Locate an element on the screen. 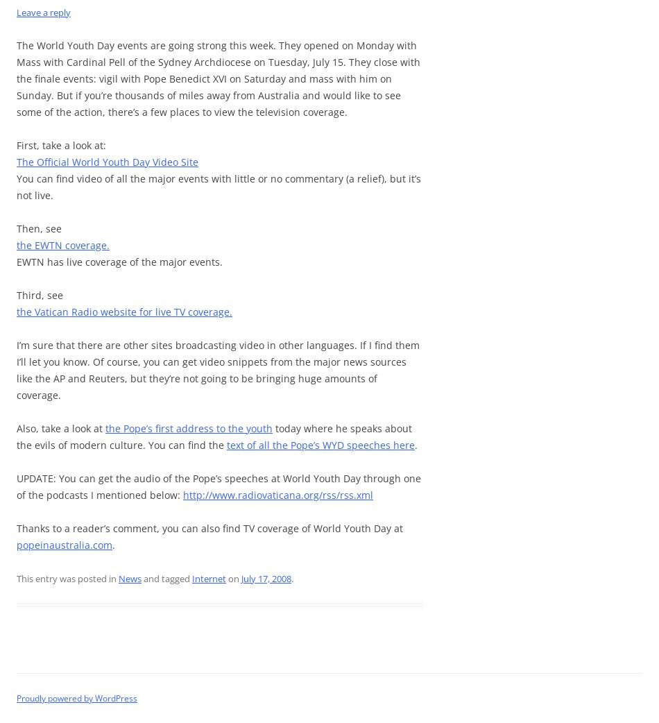 The height and width of the screenshot is (723, 659). 'Proudly powered by WordPress' is located at coordinates (17, 698).